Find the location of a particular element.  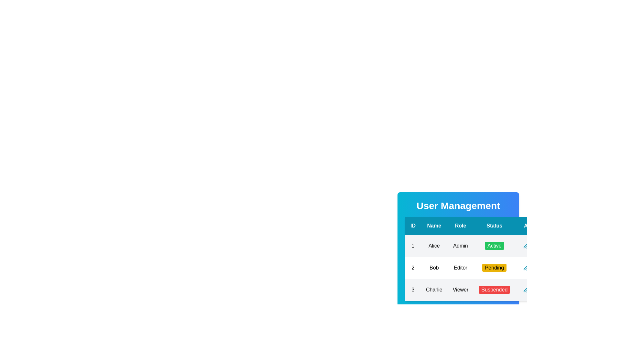

the Table Header labeled 'ID', which is a small rectangular area with white text on a blue background, positioned in the first column of a table is located at coordinates (412, 225).